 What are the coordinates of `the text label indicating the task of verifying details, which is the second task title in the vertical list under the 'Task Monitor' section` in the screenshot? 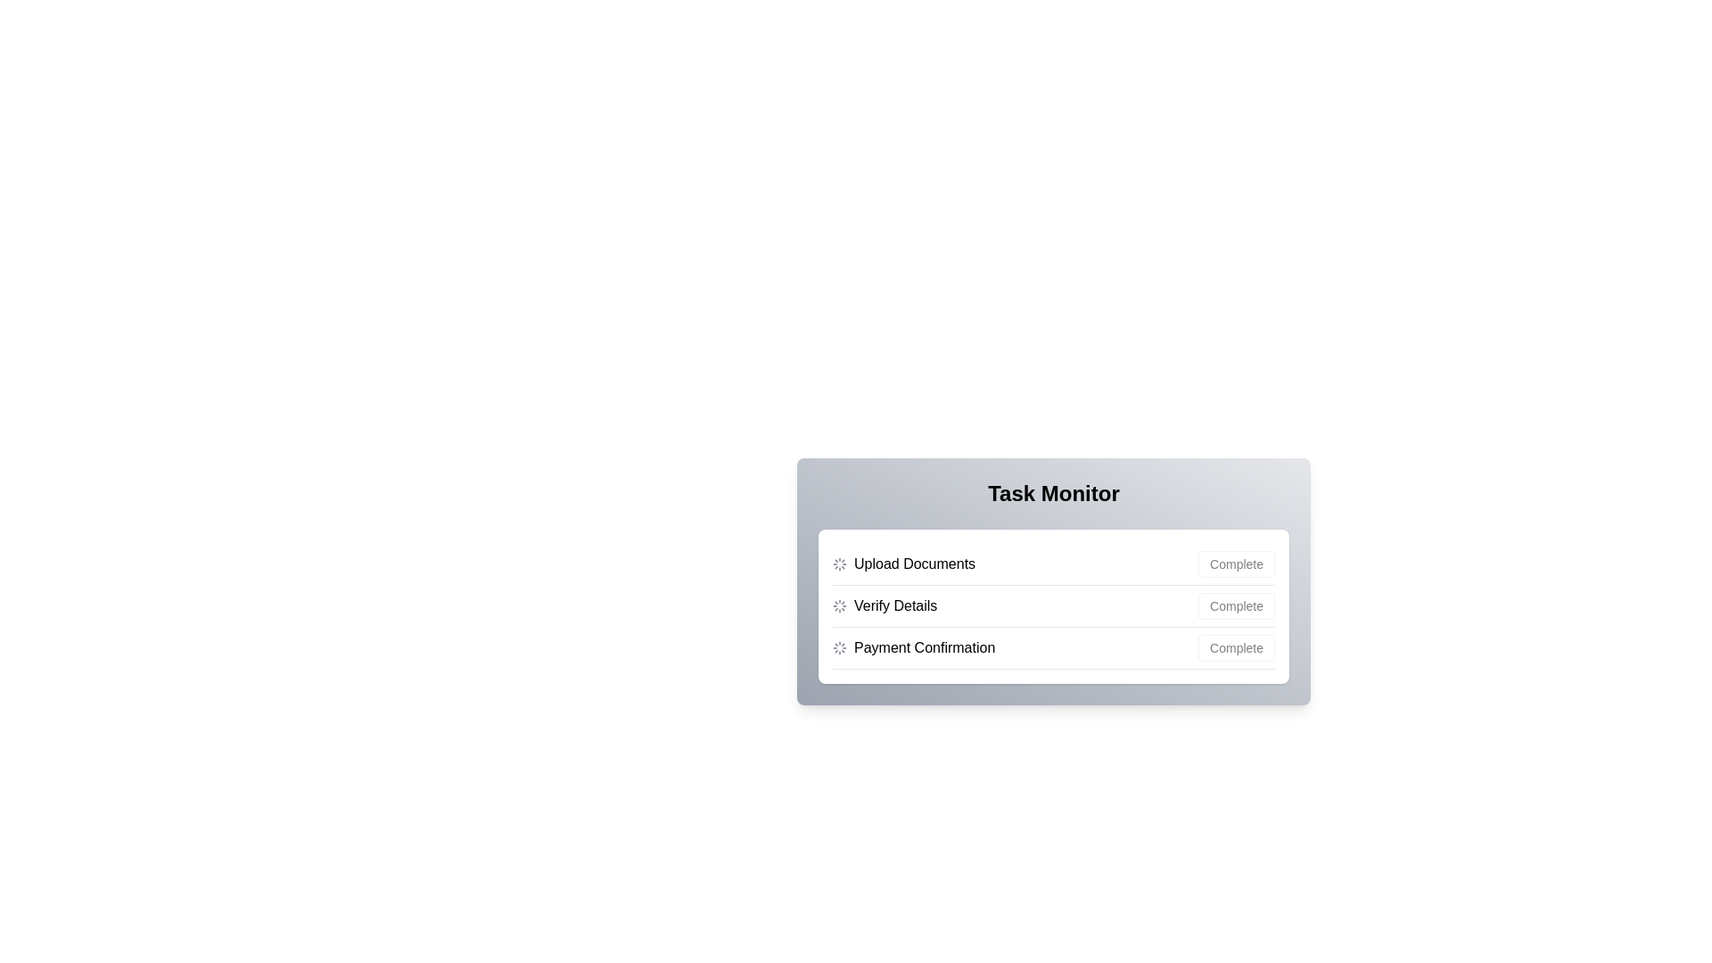 It's located at (895, 605).